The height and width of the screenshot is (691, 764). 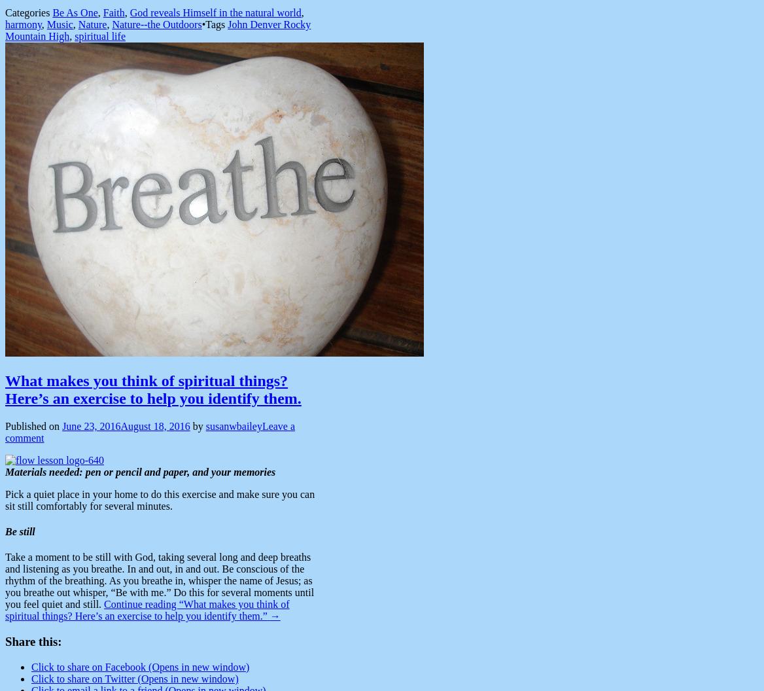 I want to click on 'Faith', so click(x=113, y=12).